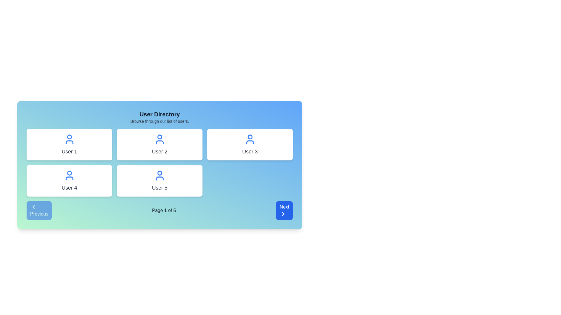  I want to click on on the third card in the grid layout representing a user profile or item, which displays the user's name and an icon, so click(250, 144).